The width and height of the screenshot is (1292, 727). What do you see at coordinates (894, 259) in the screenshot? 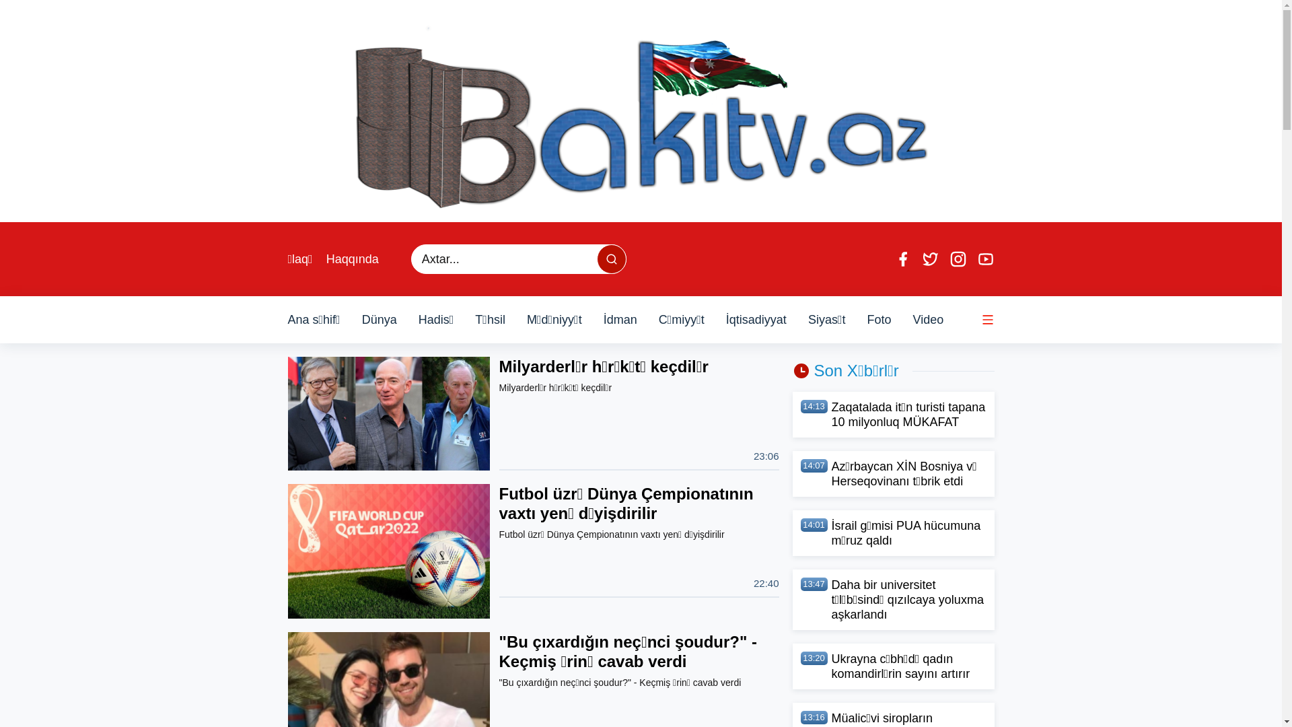
I see `'Facebook'` at bounding box center [894, 259].